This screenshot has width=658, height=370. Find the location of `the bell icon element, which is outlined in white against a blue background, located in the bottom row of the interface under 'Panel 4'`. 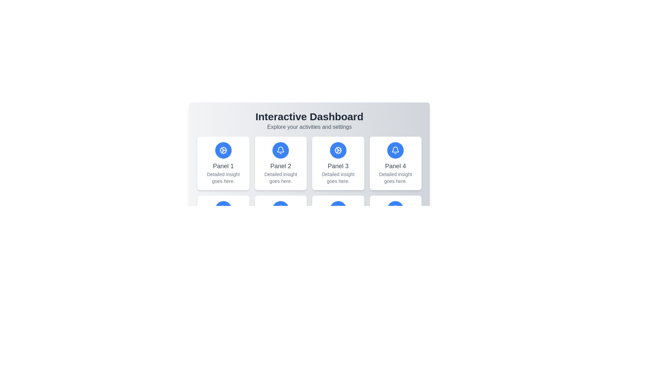

the bell icon element, which is outlined in white against a blue background, located in the bottom row of the interface under 'Panel 4' is located at coordinates (395, 209).